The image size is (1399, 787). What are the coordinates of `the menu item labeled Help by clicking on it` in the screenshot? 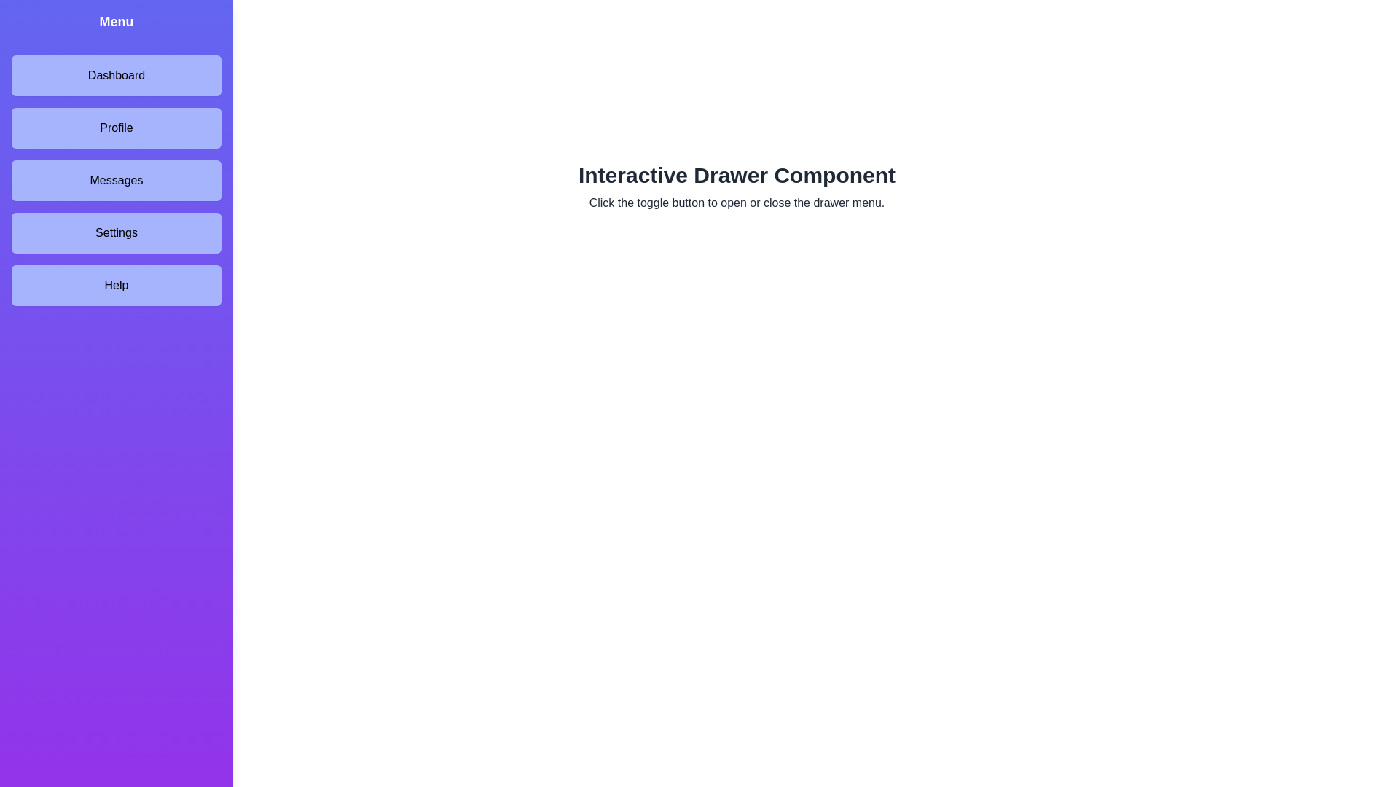 It's located at (115, 286).